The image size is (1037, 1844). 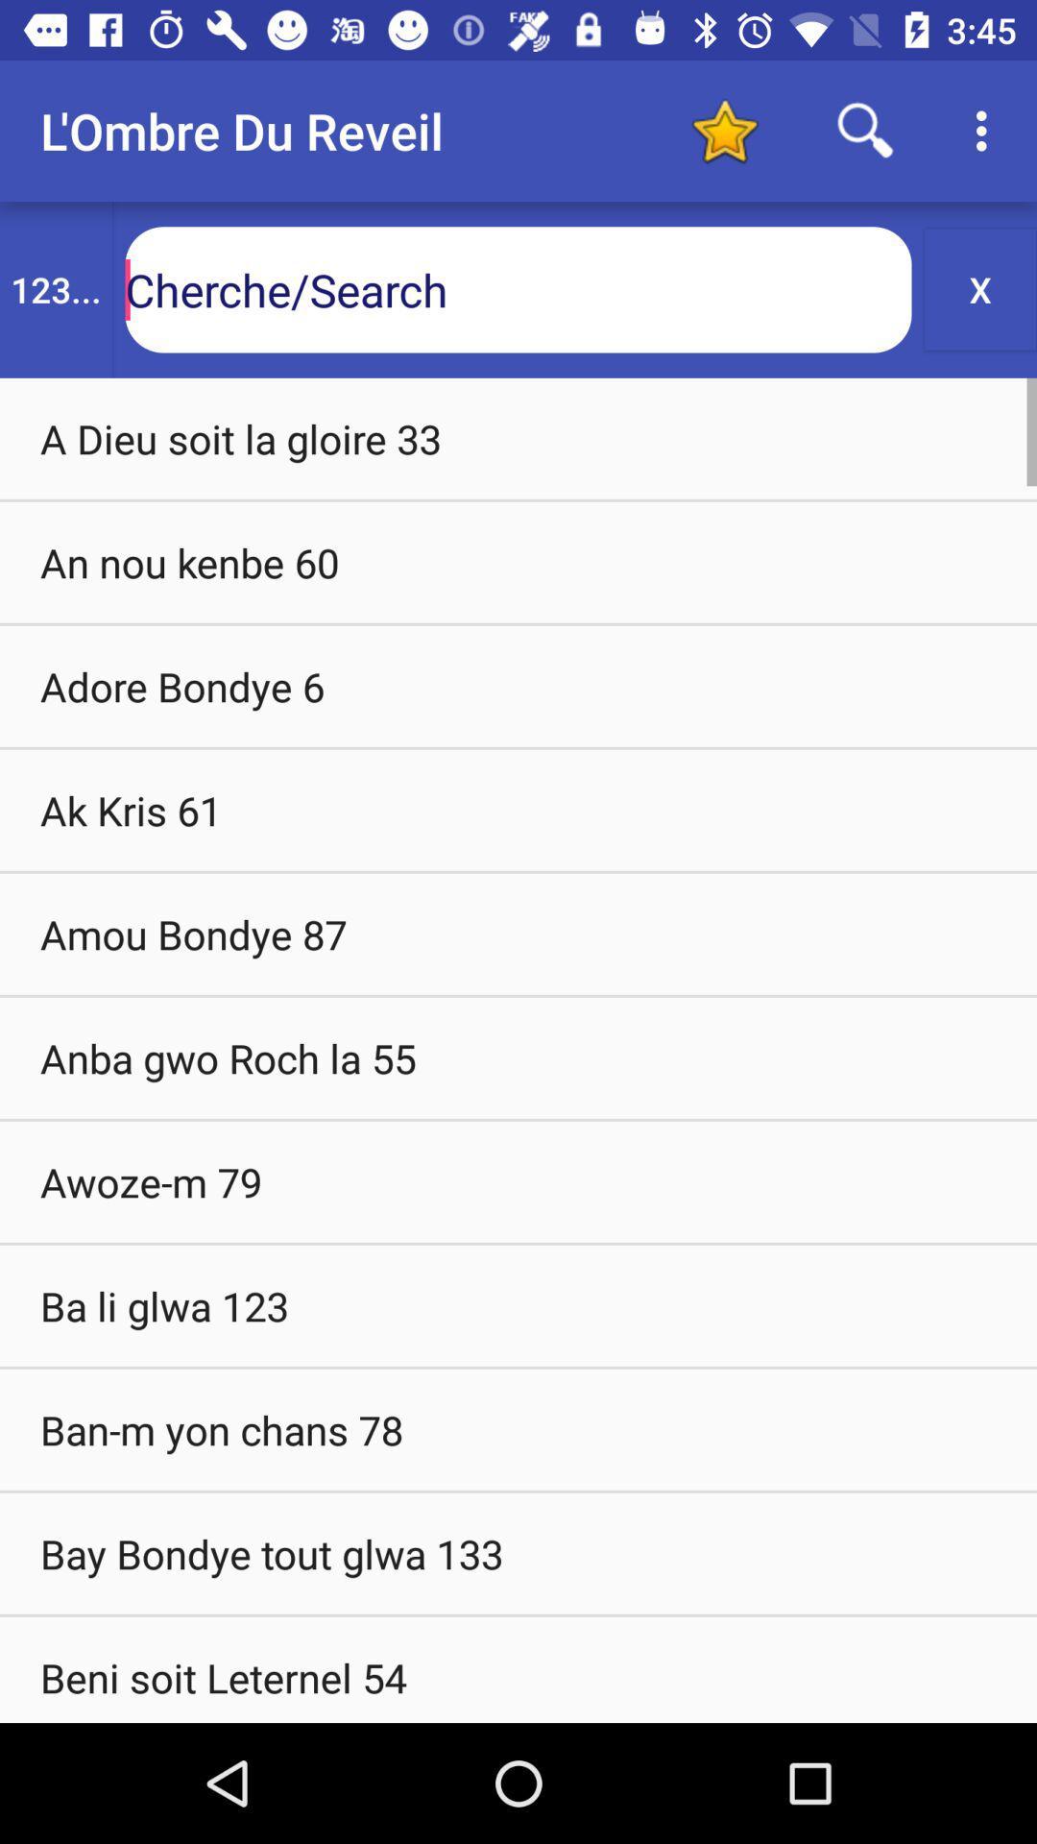 What do you see at coordinates (55, 288) in the screenshot?
I see `icon above a dieu soit` at bounding box center [55, 288].